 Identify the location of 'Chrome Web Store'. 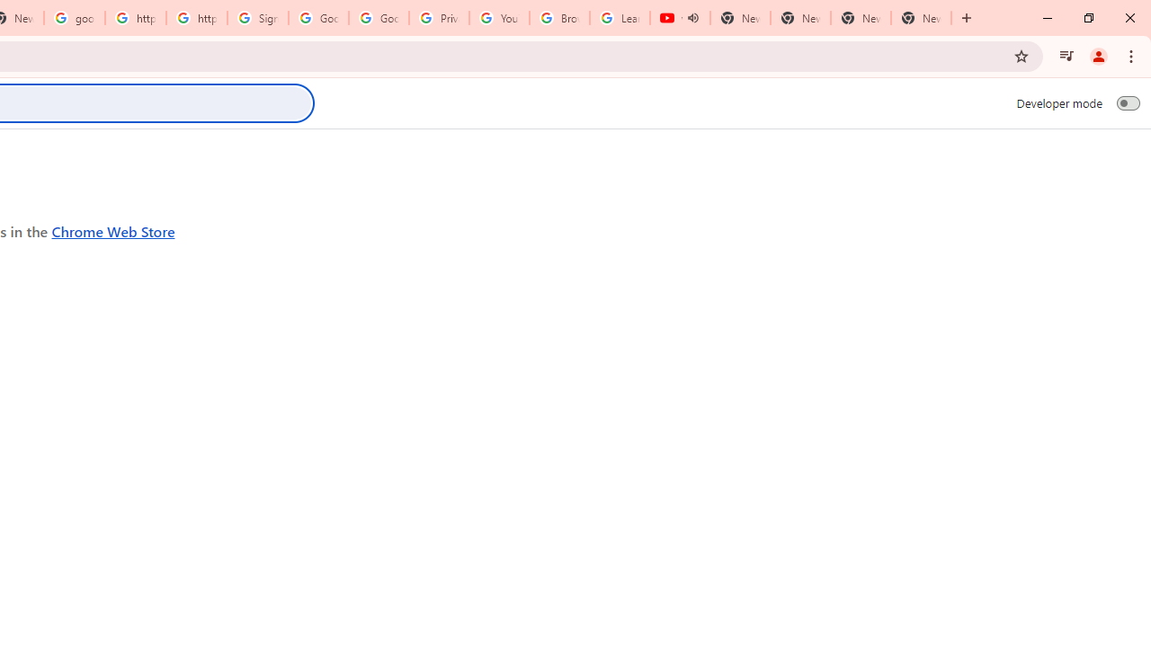
(112, 230).